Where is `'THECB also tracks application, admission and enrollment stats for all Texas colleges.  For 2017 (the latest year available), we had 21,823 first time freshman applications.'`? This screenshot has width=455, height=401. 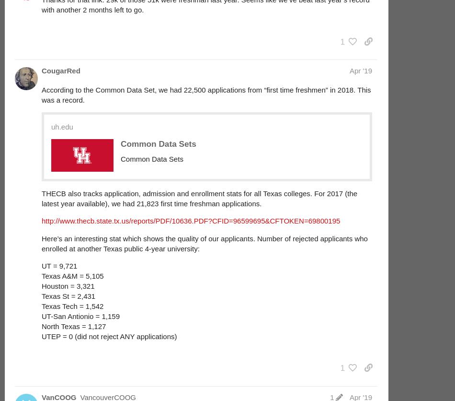
'THECB also tracks application, admission and enrollment stats for all Texas colleges.  For 2017 (the latest year available), we had 21,823 first time freshman applications.' is located at coordinates (199, 198).